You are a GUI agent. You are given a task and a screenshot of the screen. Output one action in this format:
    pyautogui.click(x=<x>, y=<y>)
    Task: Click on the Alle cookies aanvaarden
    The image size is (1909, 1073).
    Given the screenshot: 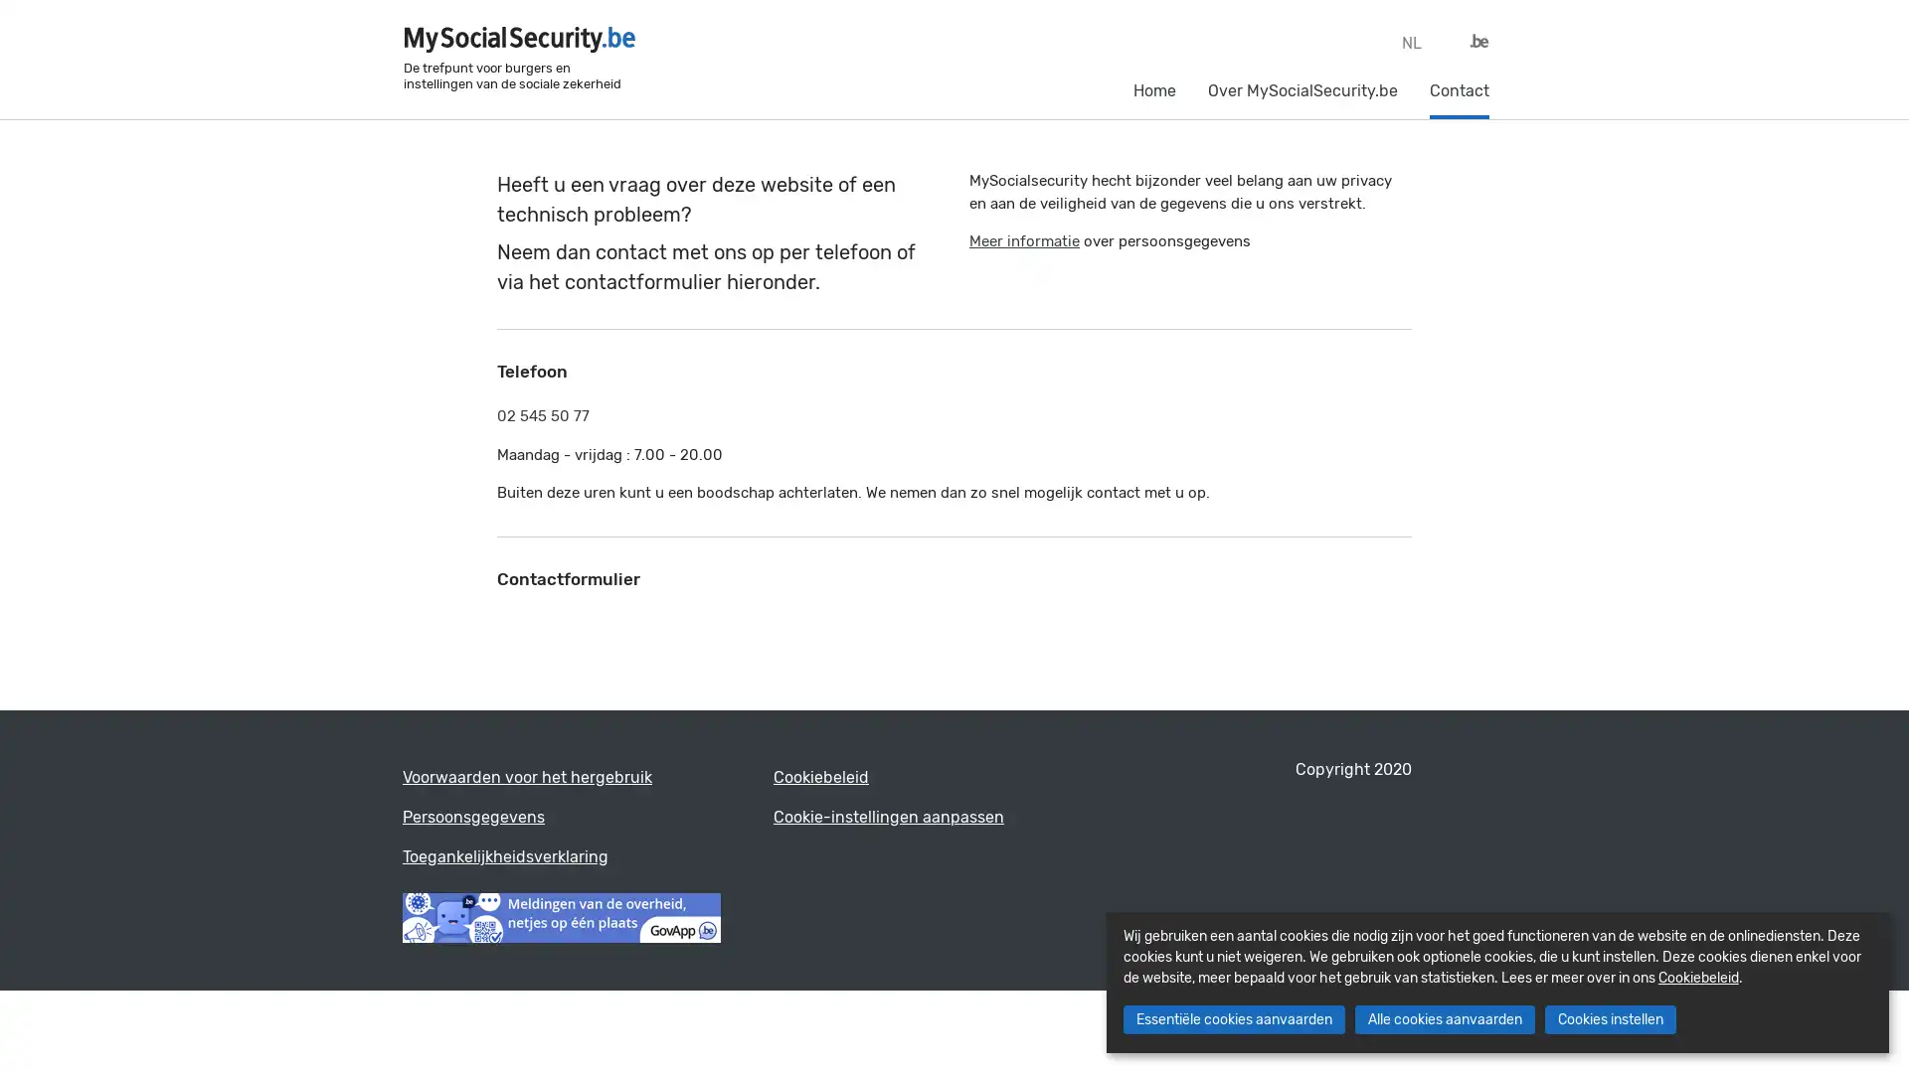 What is the action you would take?
    pyautogui.click(x=1444, y=1019)
    